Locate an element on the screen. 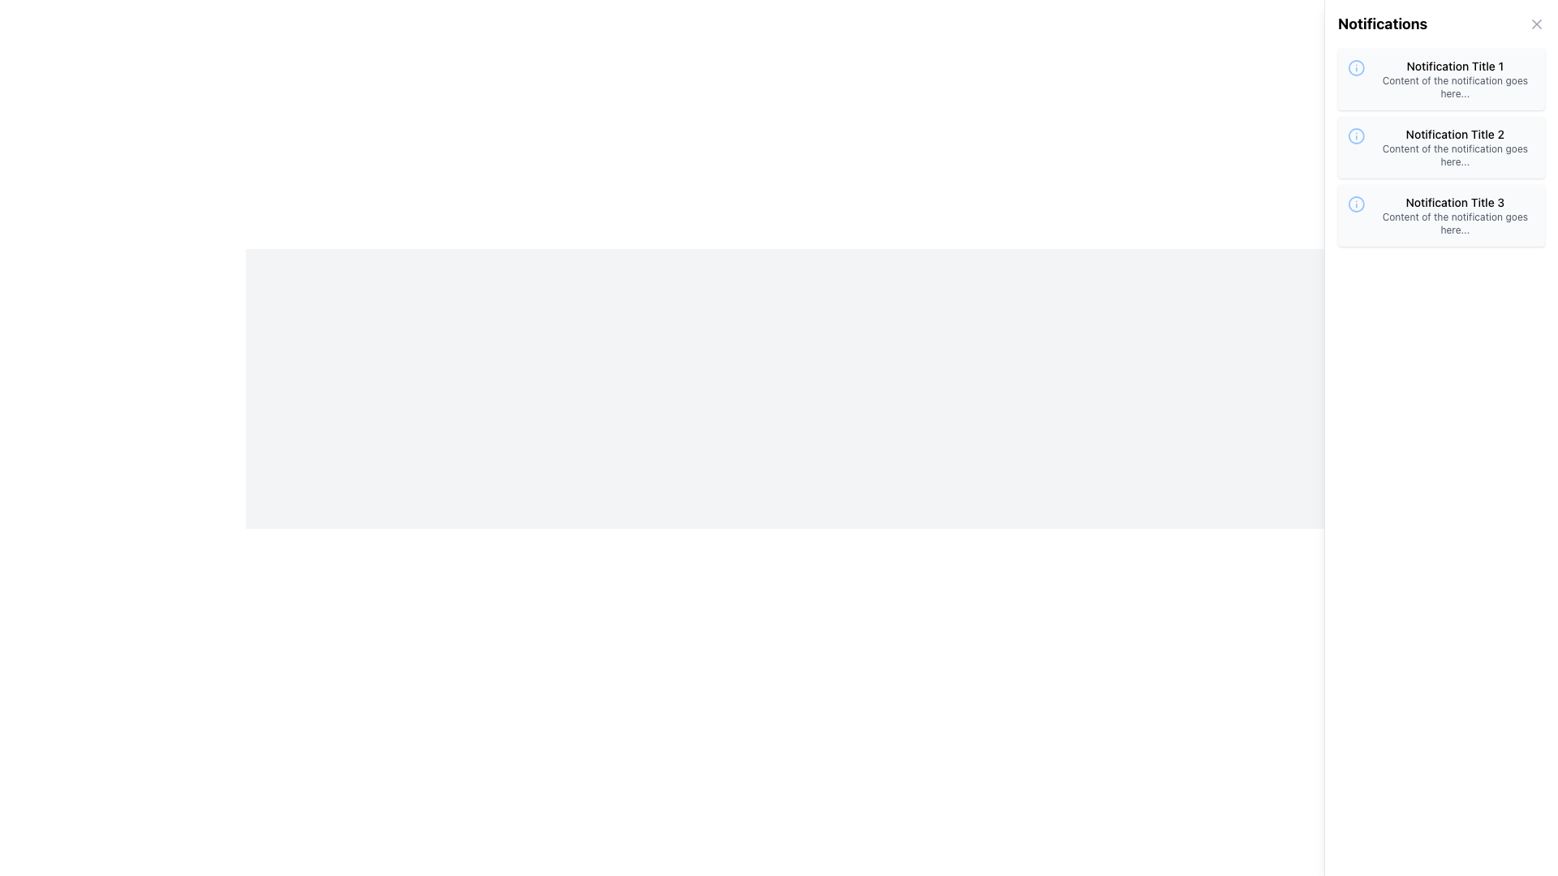 The height and width of the screenshot is (876, 1558). the small gray text label located underneath 'Notification Title 2' in the notification card within the second item of the vertically stacked notifications is located at coordinates (1455, 156).